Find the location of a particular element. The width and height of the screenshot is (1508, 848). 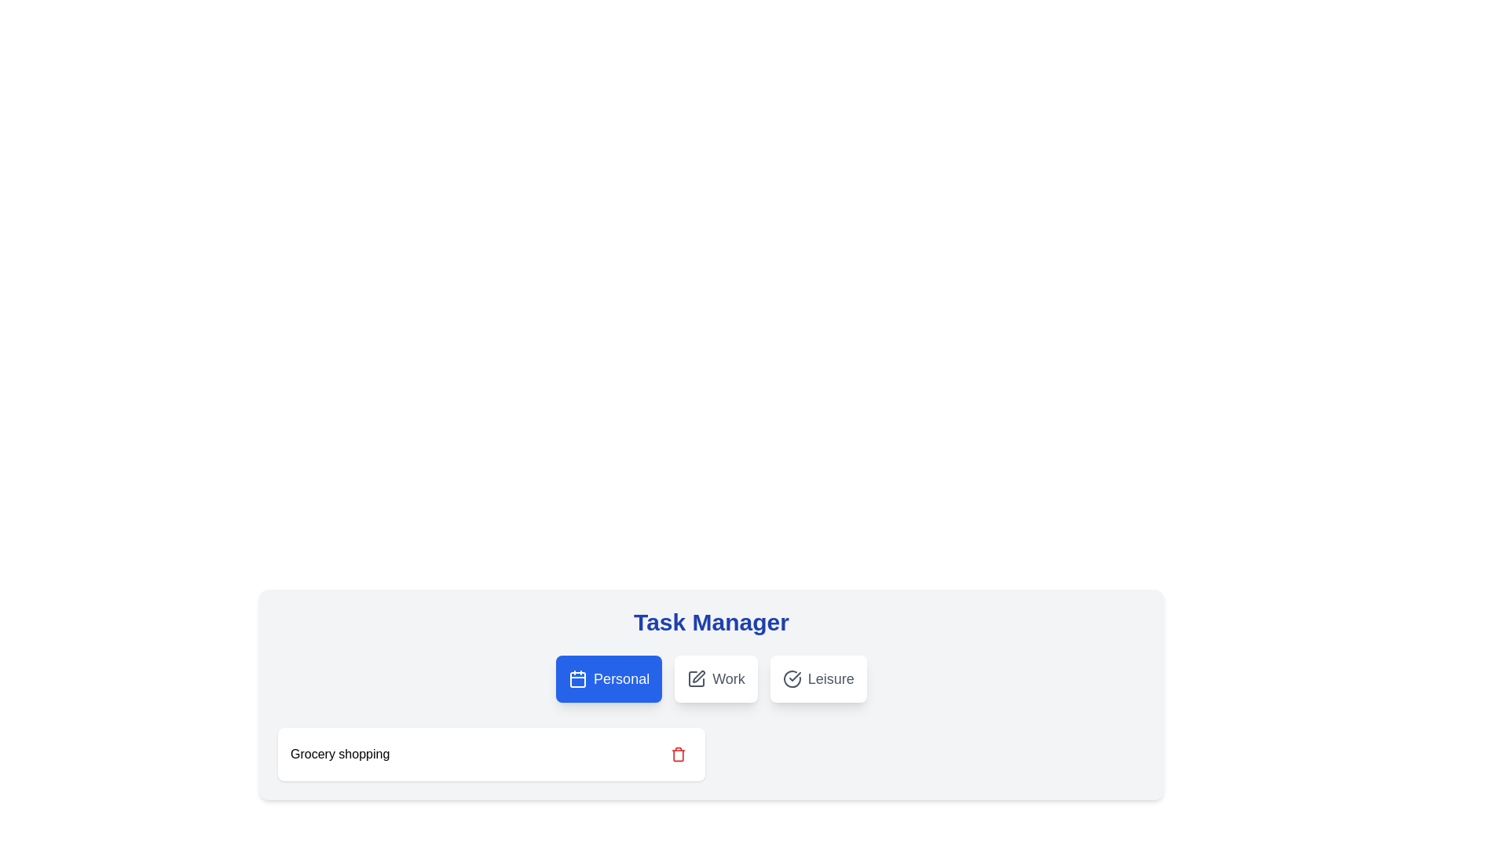

the calendar icon, which is a white icon with a square outline and a grid design, located to the left of the 'Personal' button is located at coordinates (577, 678).